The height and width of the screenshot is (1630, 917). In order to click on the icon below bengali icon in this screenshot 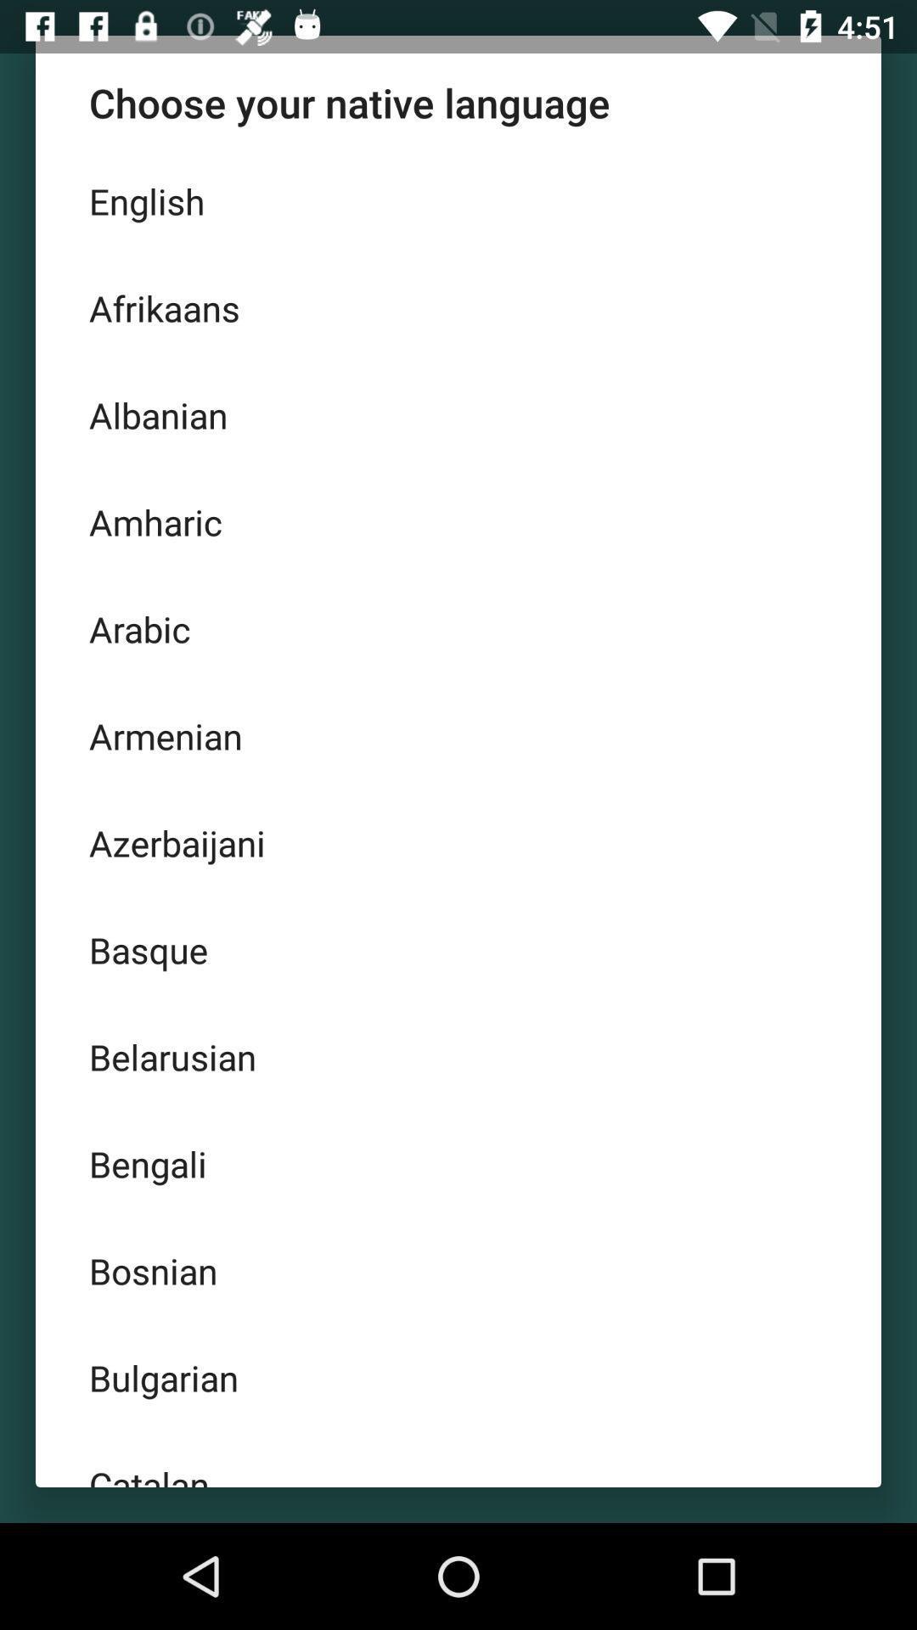, I will do `click(458, 1271)`.